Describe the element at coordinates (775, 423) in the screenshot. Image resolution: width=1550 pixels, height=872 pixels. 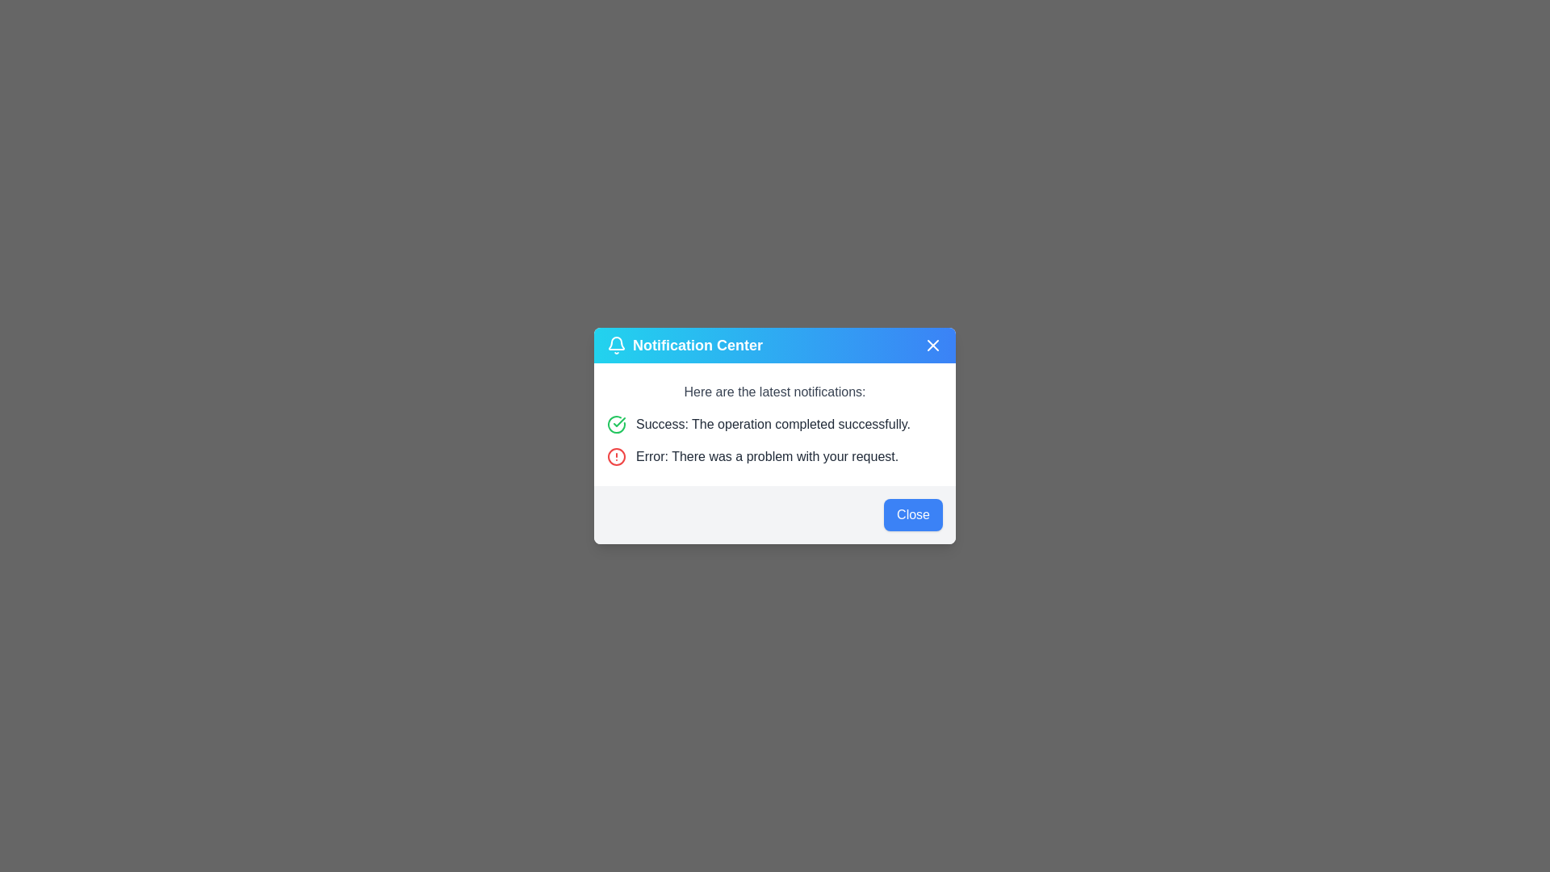
I see `the success message in the notification row that displays 'Success: The operation completed successfully.'` at that location.